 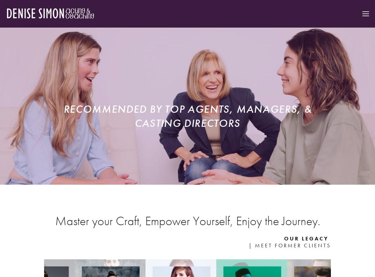 I want to click on 'our leGACY', so click(x=307, y=238).